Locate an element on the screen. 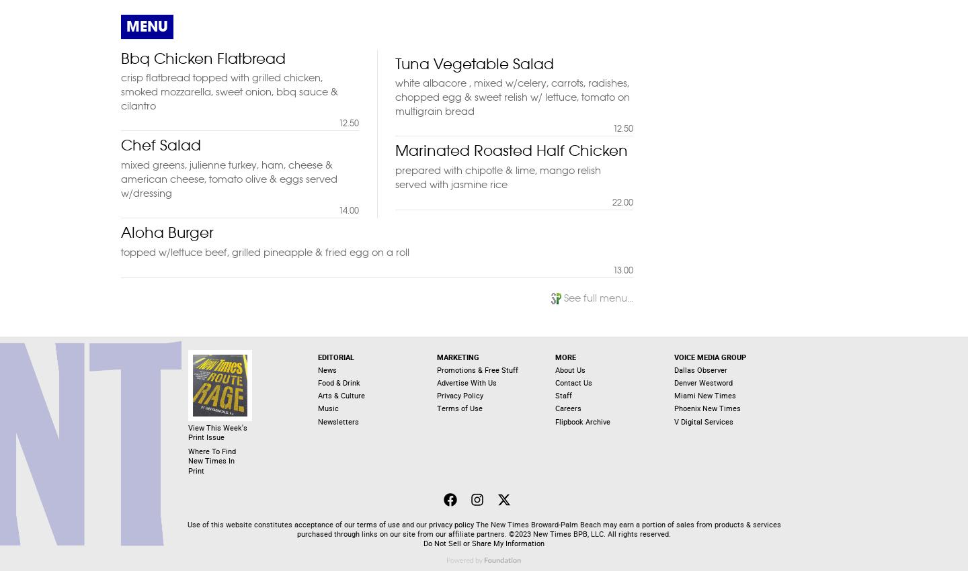 Image resolution: width=968 pixels, height=571 pixels. 'Do Not Sell or Share My Information' is located at coordinates (484, 543).